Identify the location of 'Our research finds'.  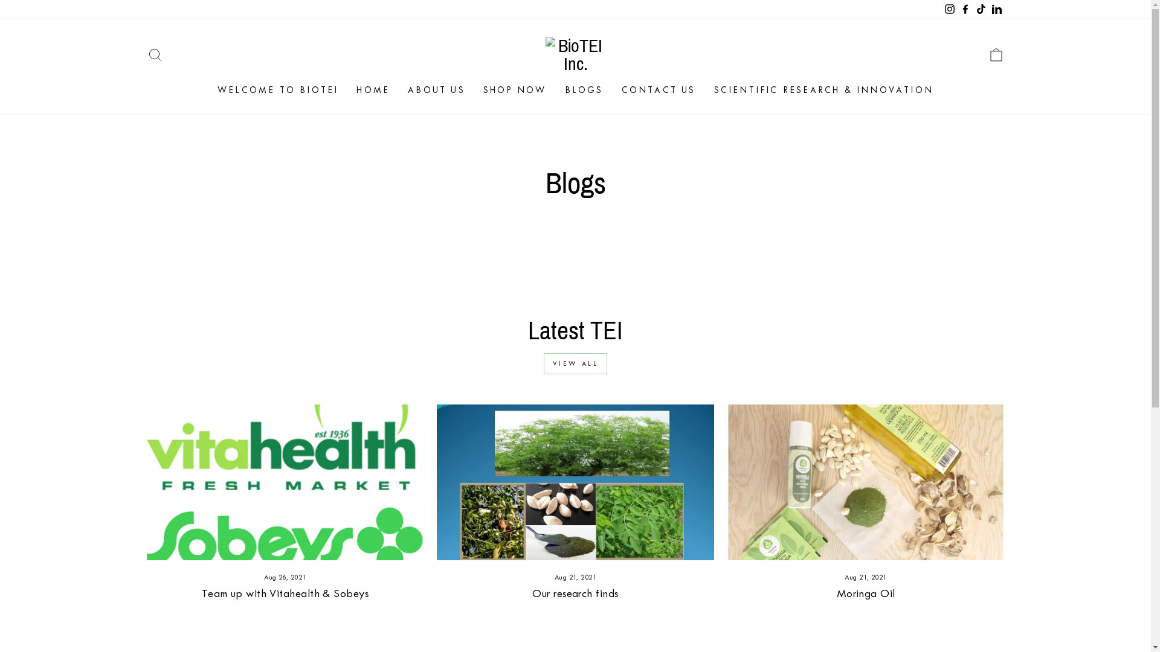
(574, 593).